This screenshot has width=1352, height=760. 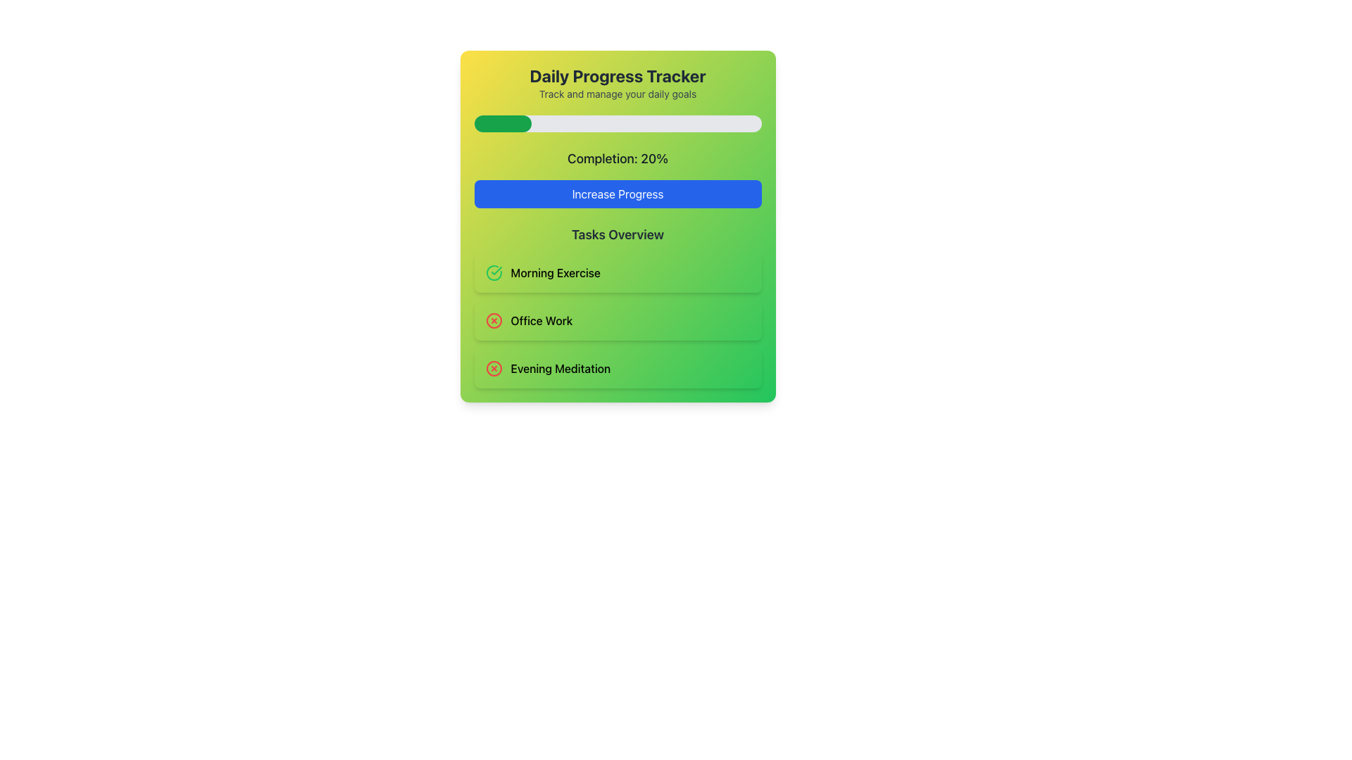 I want to click on the static text label that reads 'Evening Meditation', which is styled with medium font weight and capitalized lettering, located within a green-shaded box at the bottom of the task list, so click(x=560, y=368).